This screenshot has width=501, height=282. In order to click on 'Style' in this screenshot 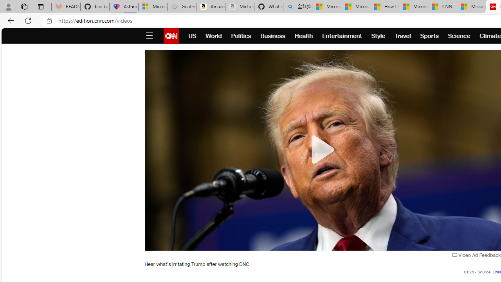, I will do `click(378, 36)`.